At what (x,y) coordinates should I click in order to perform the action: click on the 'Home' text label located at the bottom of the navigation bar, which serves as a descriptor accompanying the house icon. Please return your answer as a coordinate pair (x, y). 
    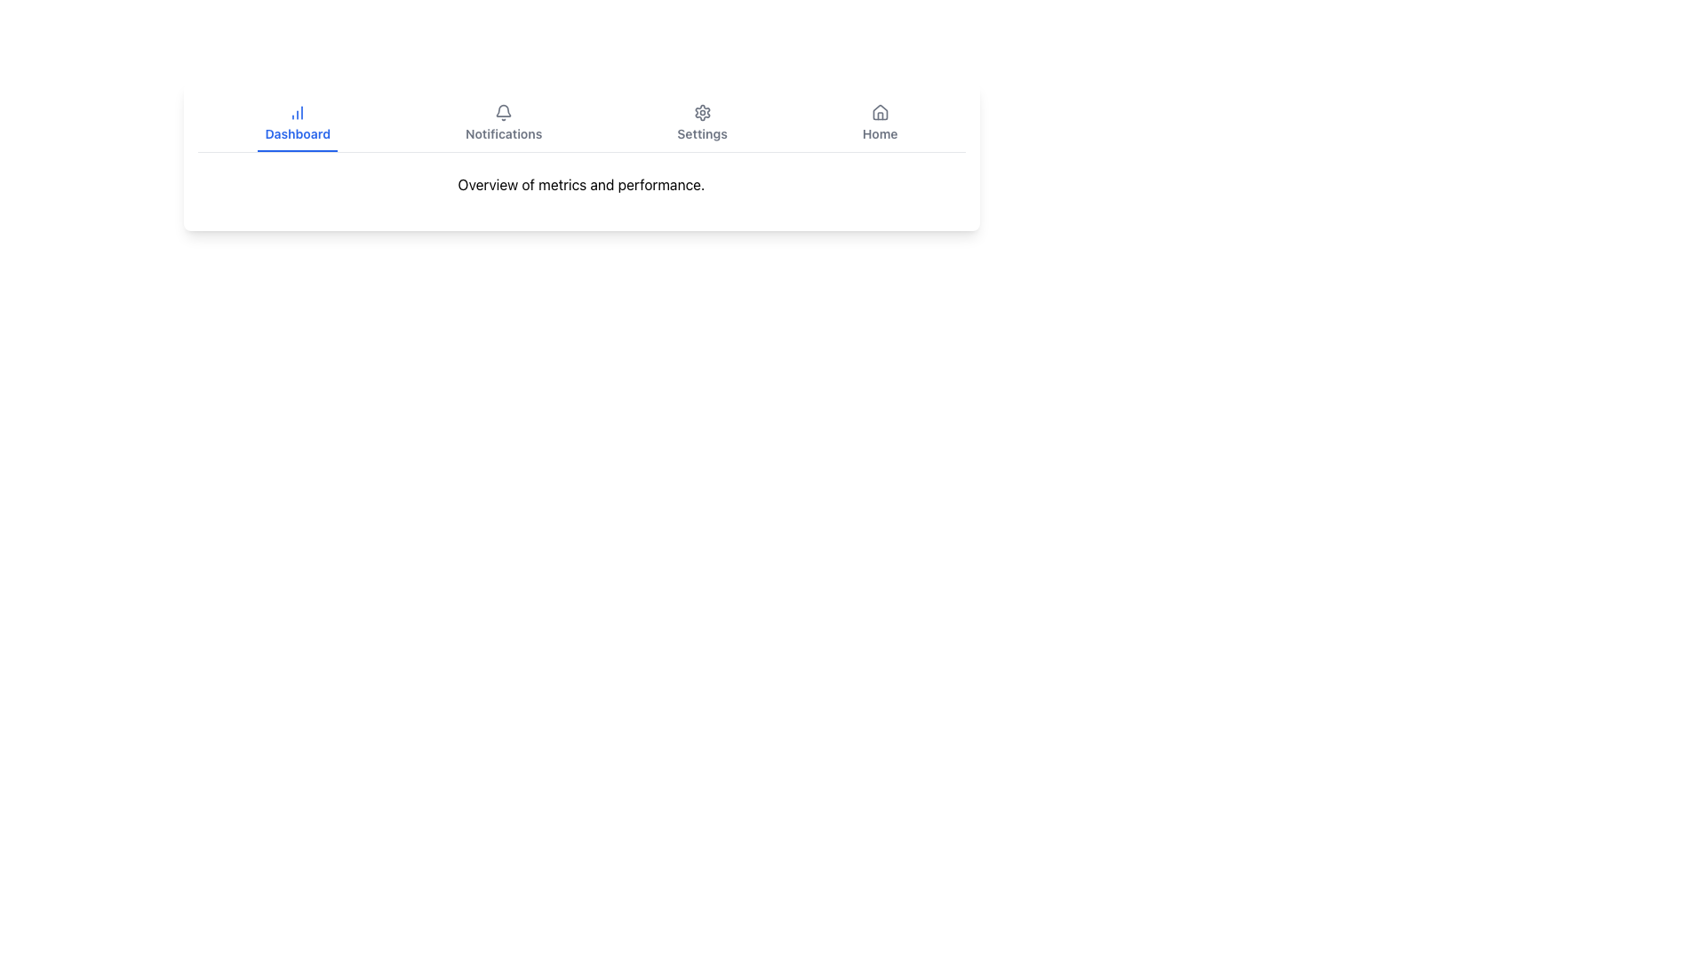
    Looking at the image, I should click on (880, 132).